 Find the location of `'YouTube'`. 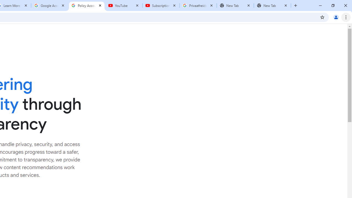

'YouTube' is located at coordinates (123, 5).